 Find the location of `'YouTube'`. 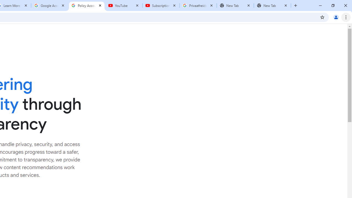

'YouTube' is located at coordinates (123, 5).